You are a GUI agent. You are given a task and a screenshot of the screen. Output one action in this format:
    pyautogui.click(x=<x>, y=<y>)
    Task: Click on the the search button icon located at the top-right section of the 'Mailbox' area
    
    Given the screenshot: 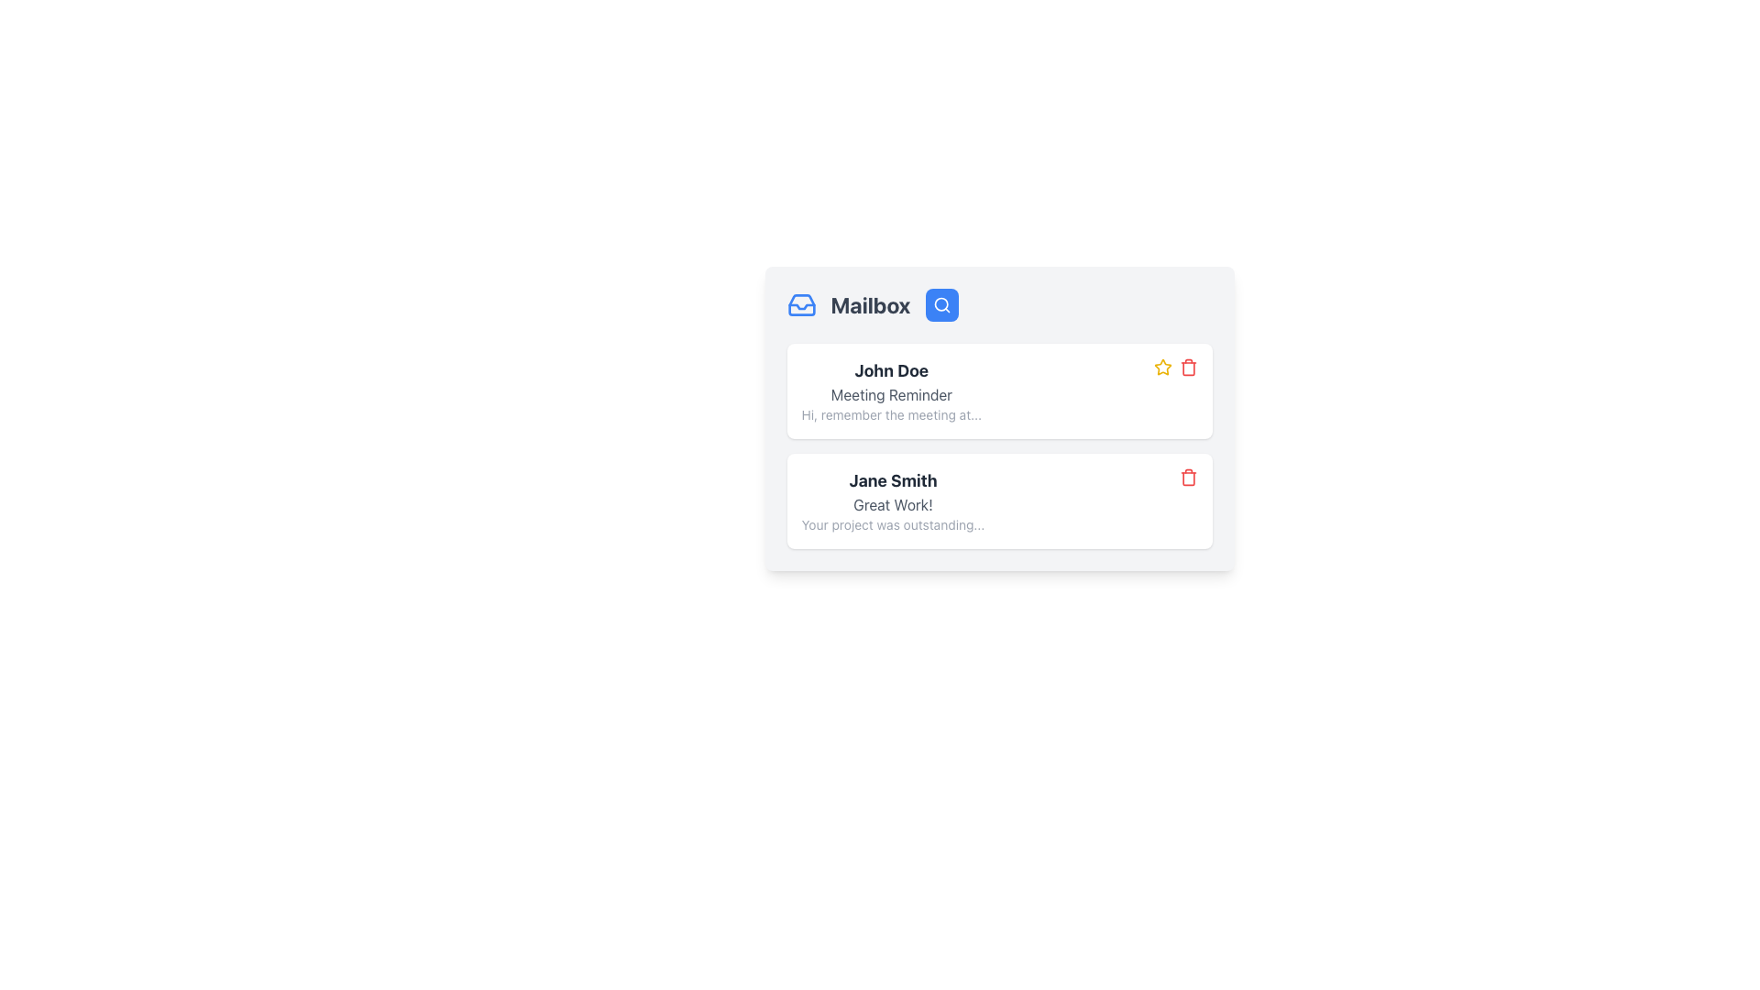 What is the action you would take?
    pyautogui.click(x=941, y=303)
    